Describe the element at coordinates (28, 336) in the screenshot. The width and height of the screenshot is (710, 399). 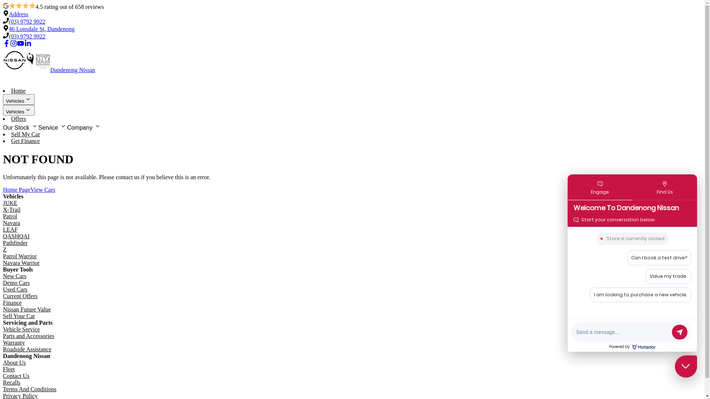
I see `'Parts and Accessories'` at that location.